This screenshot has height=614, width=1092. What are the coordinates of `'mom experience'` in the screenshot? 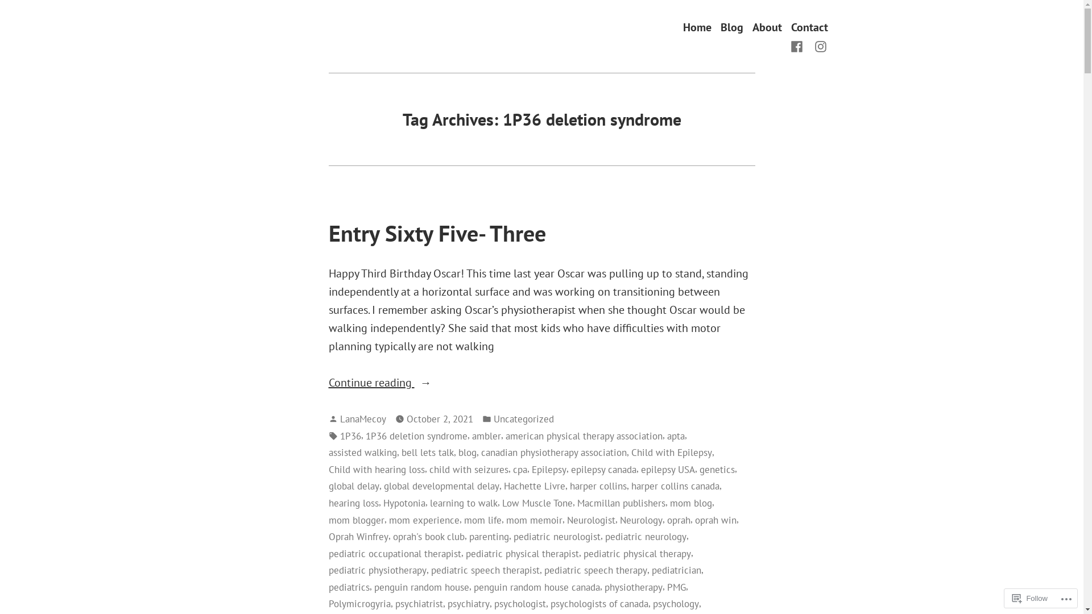 It's located at (423, 520).